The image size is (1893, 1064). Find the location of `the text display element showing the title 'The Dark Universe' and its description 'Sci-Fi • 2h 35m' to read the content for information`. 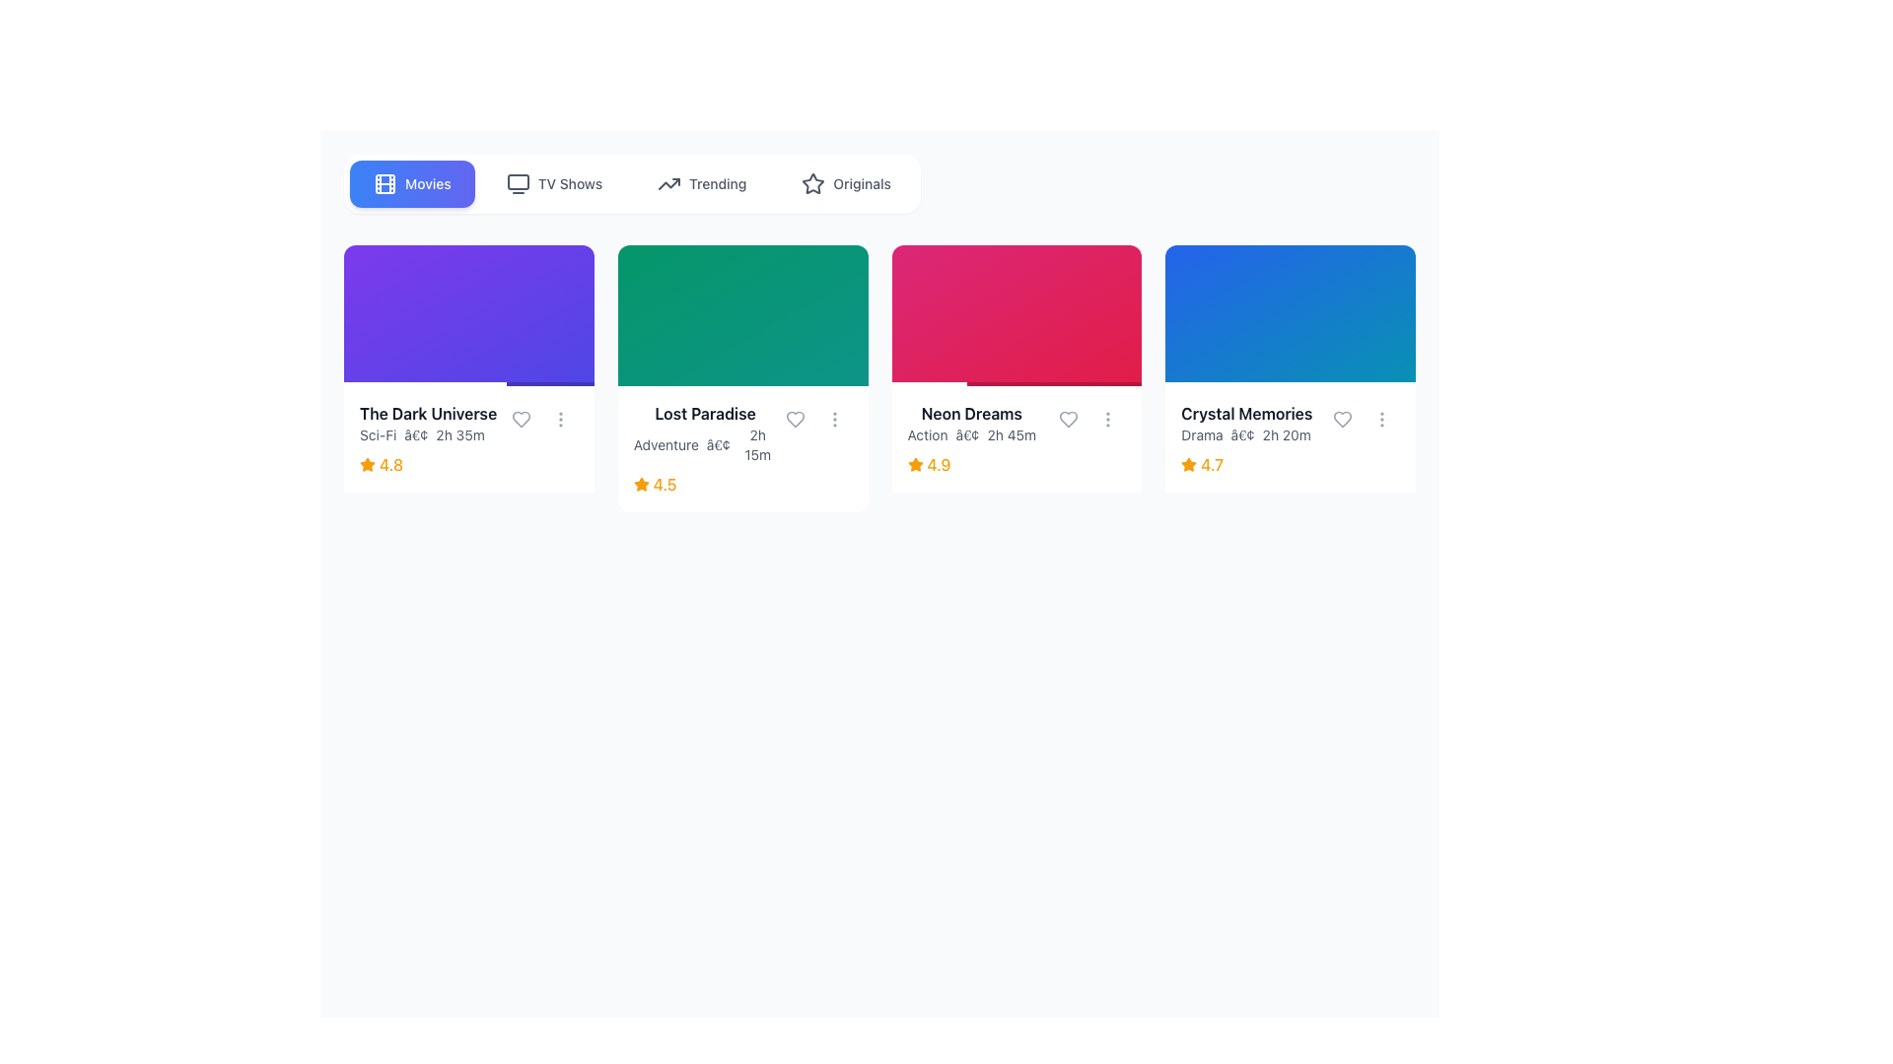

the text display element showing the title 'The Dark Universe' and its description 'Sci-Fi • 2h 35m' to read the content for information is located at coordinates (467, 422).